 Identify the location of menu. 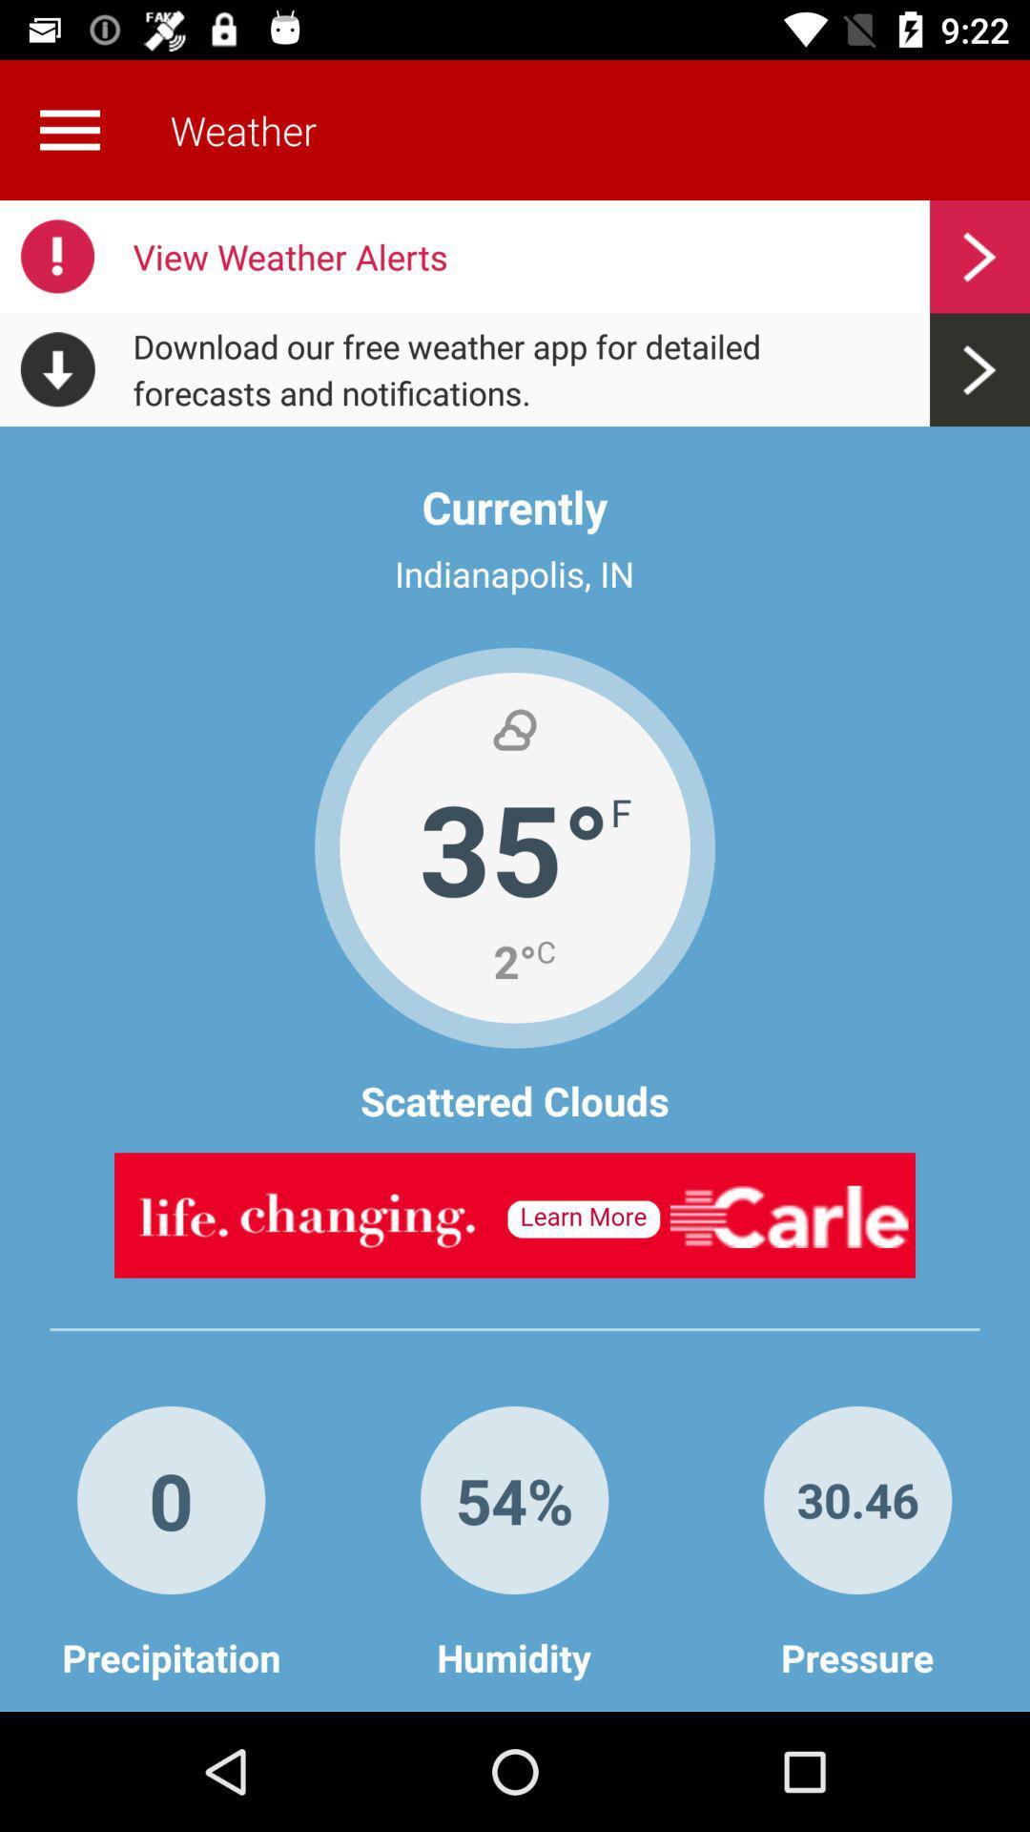
(69, 129).